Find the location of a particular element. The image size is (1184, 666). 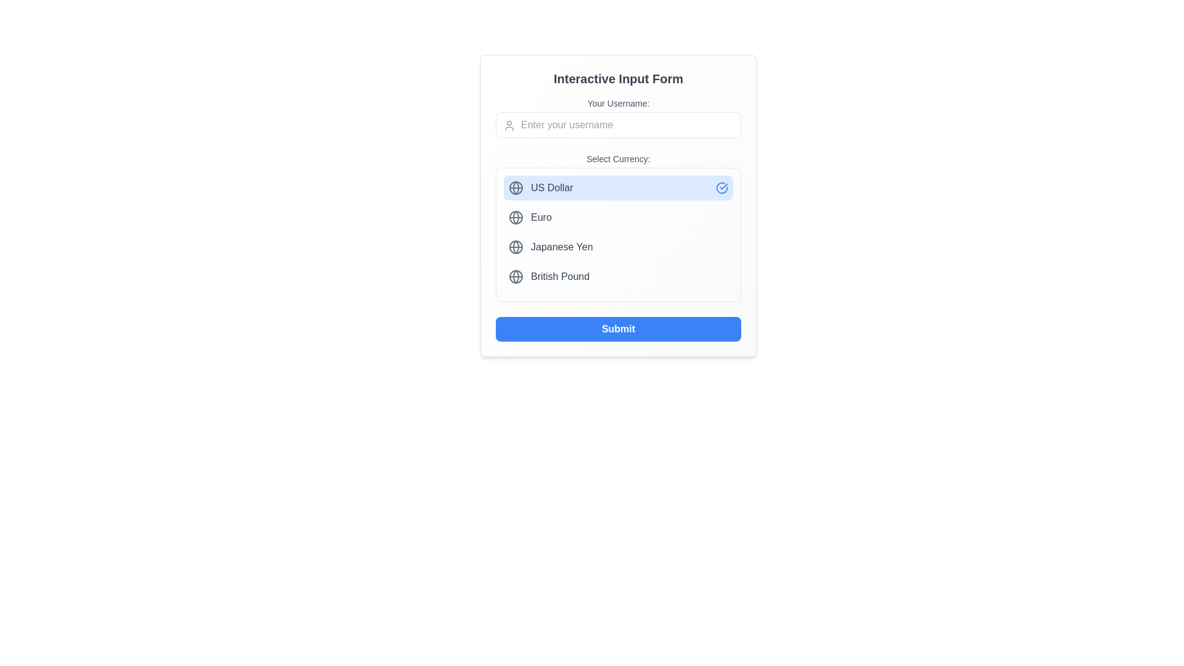

the large, rounded rectangular blue 'Submit' button located at the bottom of the form is located at coordinates (619, 328).